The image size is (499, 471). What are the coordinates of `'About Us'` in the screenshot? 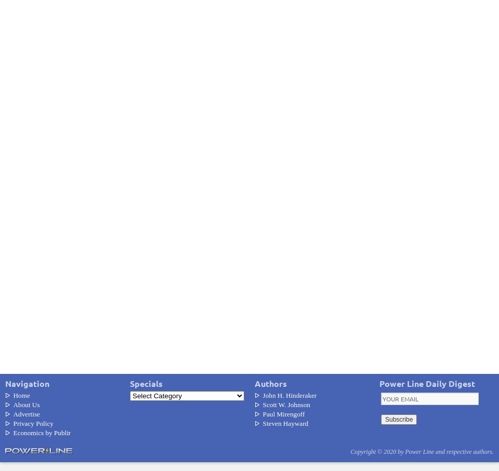 It's located at (25, 403).